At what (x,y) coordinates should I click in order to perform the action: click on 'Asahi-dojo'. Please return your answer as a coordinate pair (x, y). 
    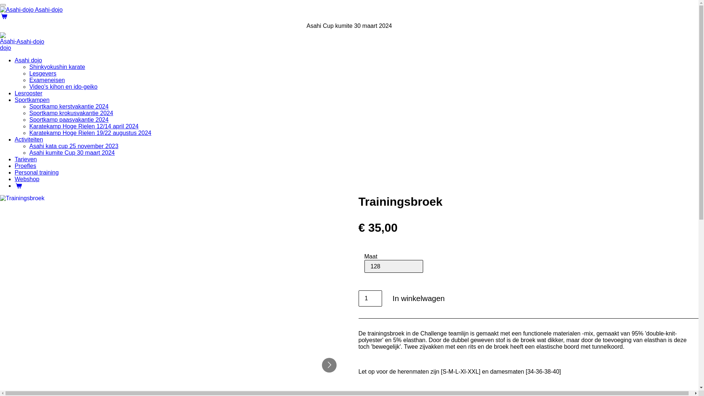
    Looking at the image, I should click on (17, 10).